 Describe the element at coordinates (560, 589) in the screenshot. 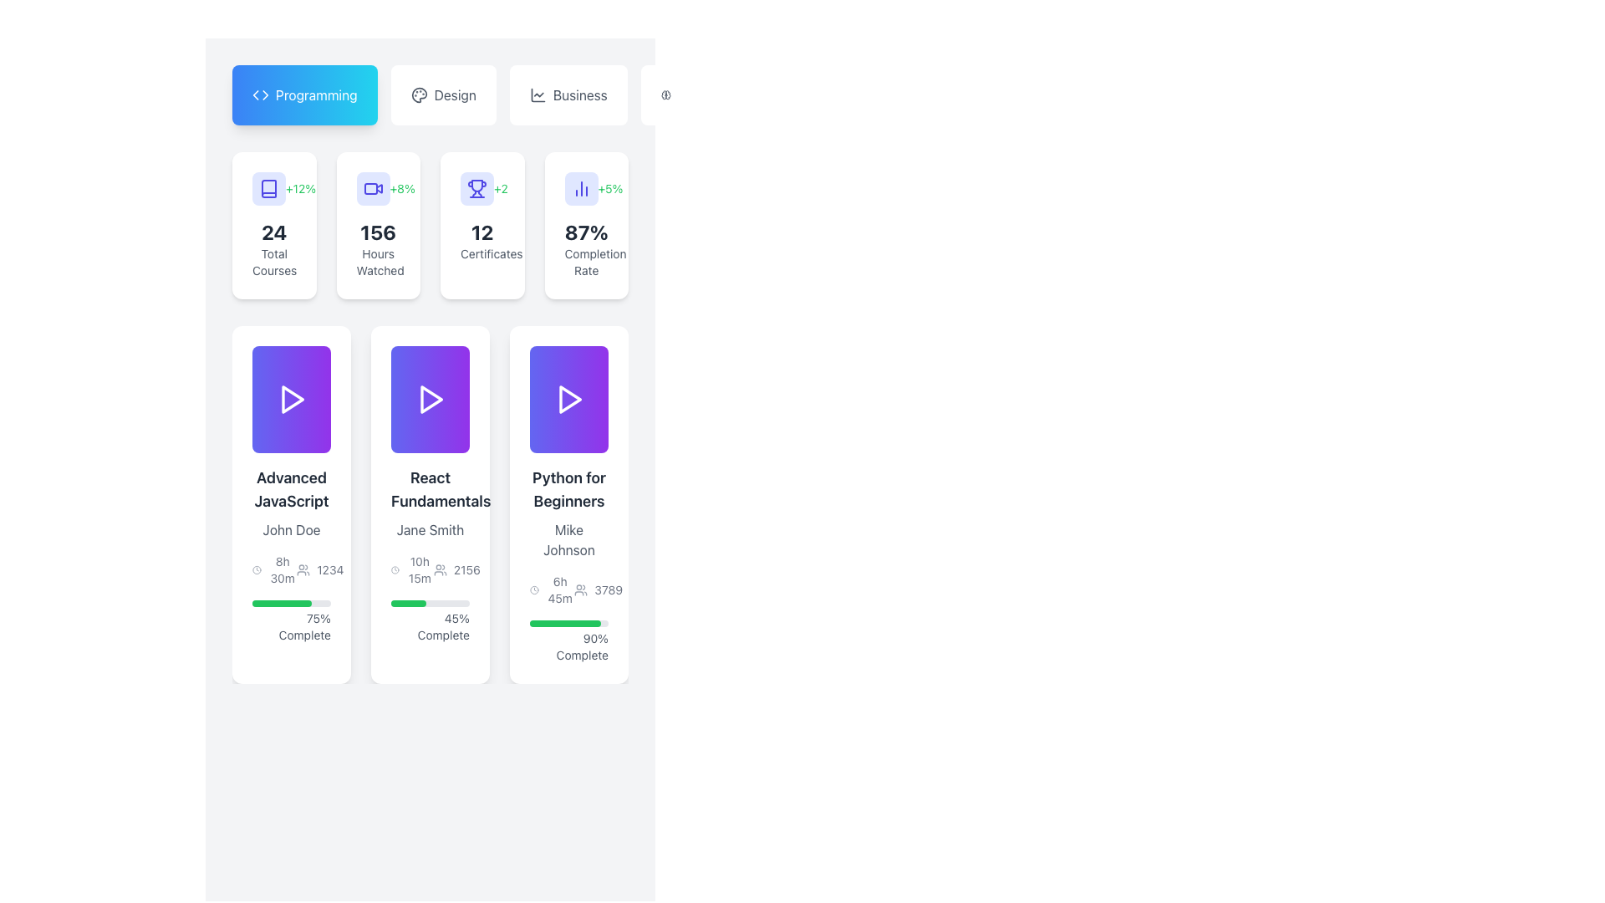

I see `the small text label displaying '6h 45m', which is styled with a gray font and located within the 'Python for Beginners' card, positioned below 'Mike Johnson' and to the right of a clock icon` at that location.